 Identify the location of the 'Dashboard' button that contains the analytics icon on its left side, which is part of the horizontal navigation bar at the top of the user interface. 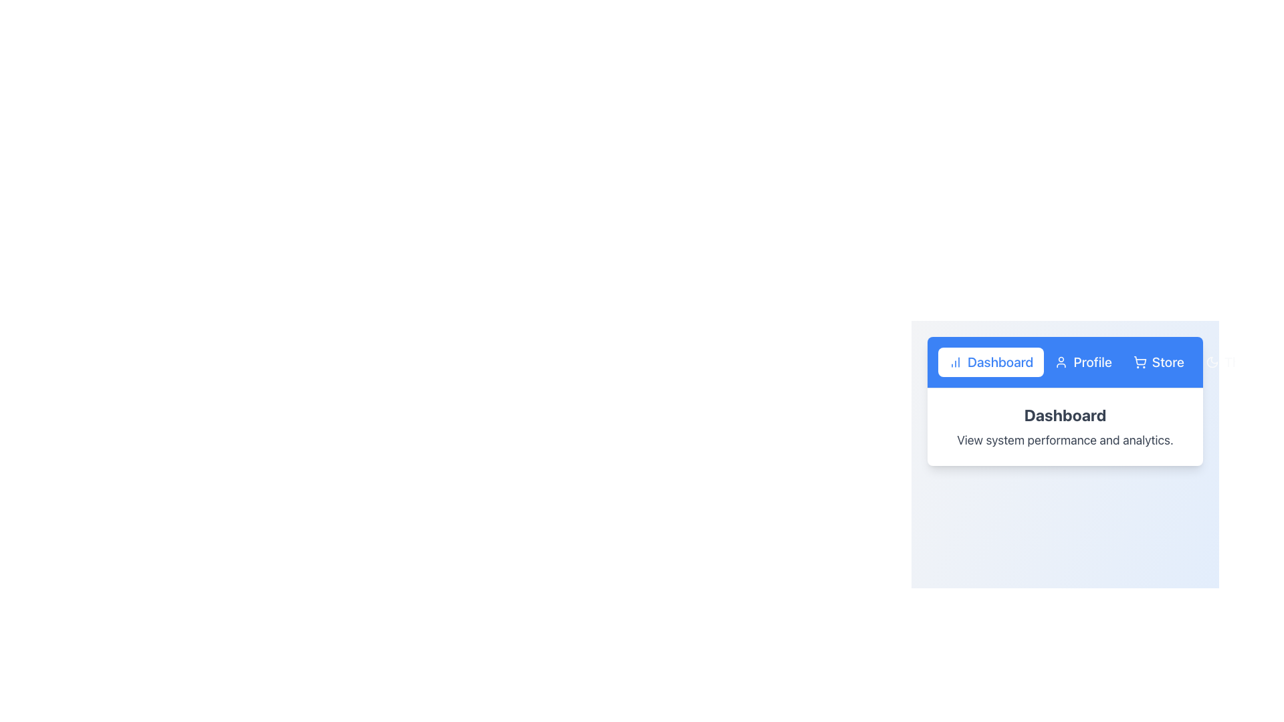
(955, 362).